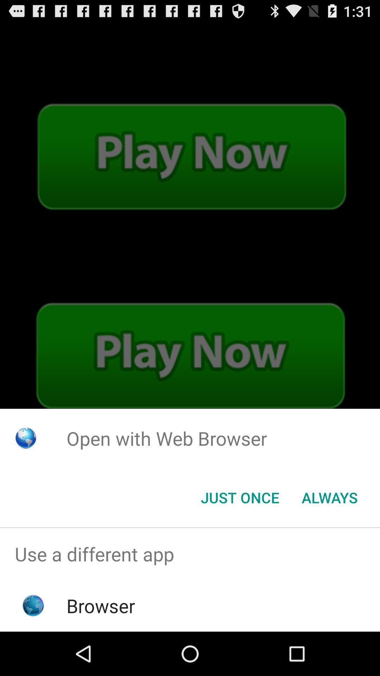 The image size is (380, 676). What do you see at coordinates (240, 497) in the screenshot?
I see `the item below open with web icon` at bounding box center [240, 497].